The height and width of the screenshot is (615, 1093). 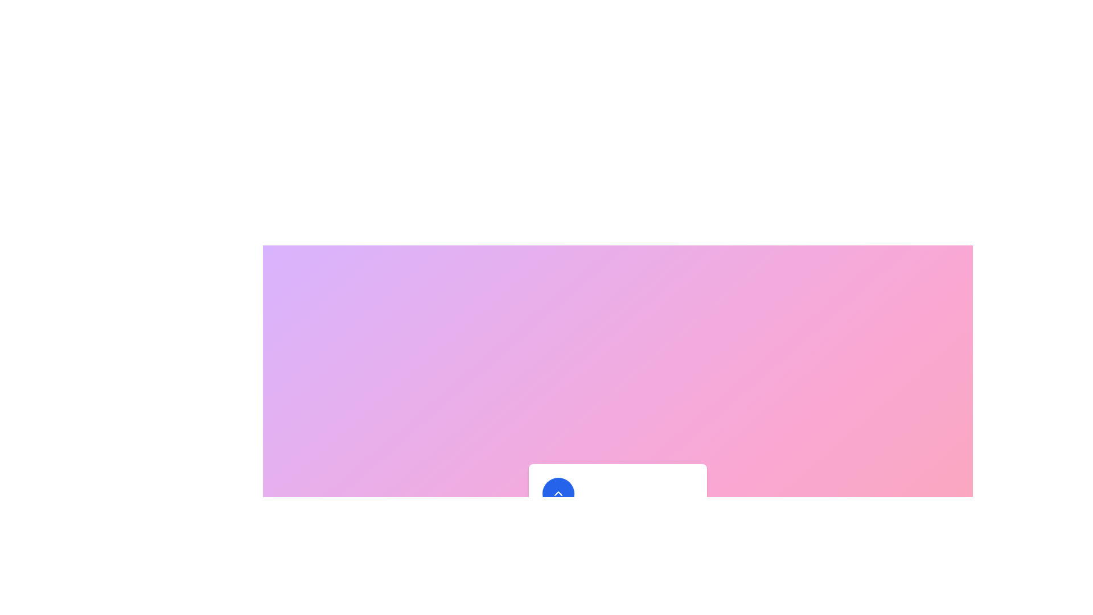 What do you see at coordinates (558, 493) in the screenshot?
I see `button to toggle the menu's state` at bounding box center [558, 493].